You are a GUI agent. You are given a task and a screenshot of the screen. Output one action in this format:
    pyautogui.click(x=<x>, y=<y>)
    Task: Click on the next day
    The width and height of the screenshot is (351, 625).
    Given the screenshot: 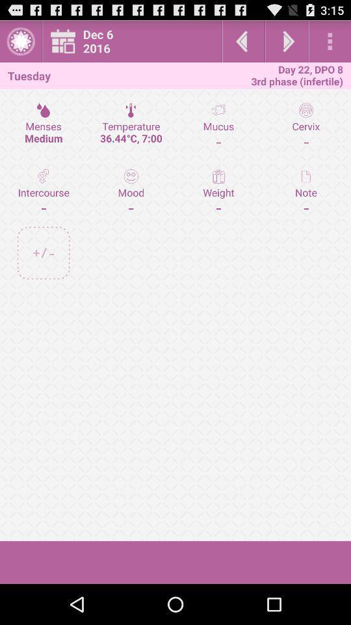 What is the action you would take?
    pyautogui.click(x=287, y=41)
    